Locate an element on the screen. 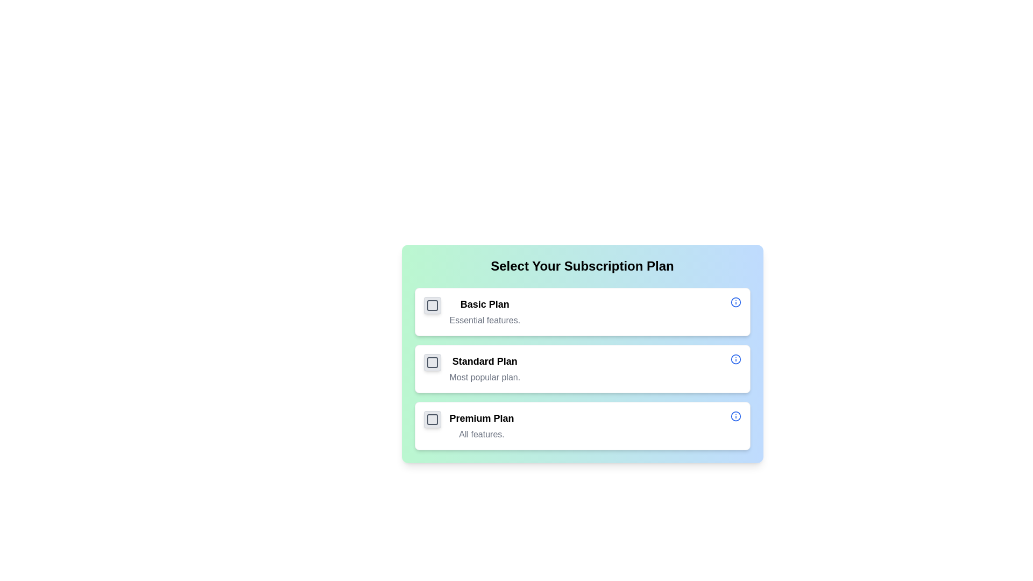 Image resolution: width=1033 pixels, height=581 pixels. the checkbox for the 'Premium Plan' option is located at coordinates (432, 419).